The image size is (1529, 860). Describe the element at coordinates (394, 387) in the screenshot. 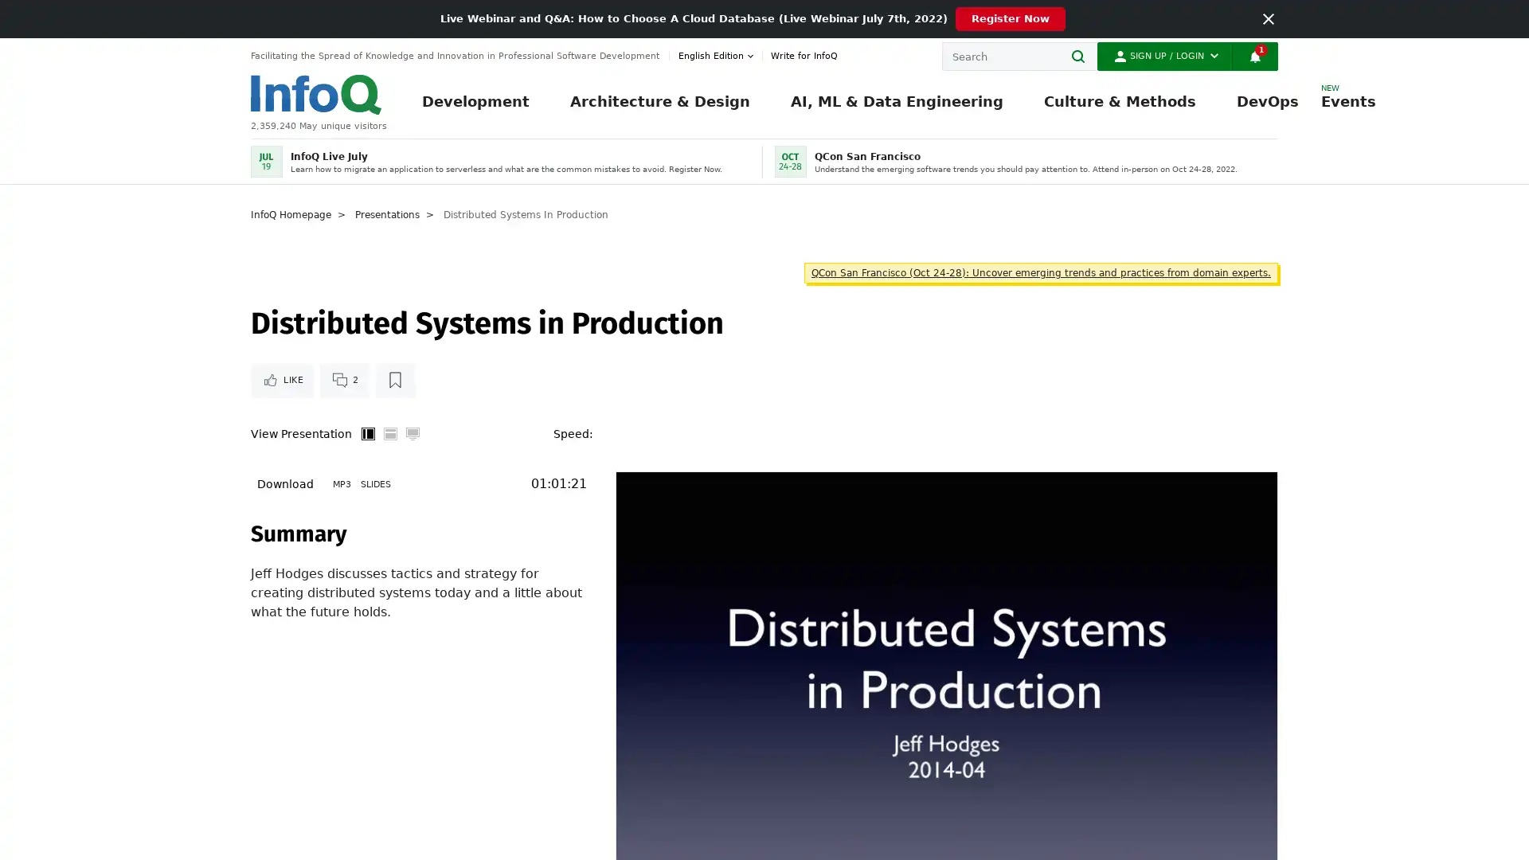

I see `Read later` at that location.